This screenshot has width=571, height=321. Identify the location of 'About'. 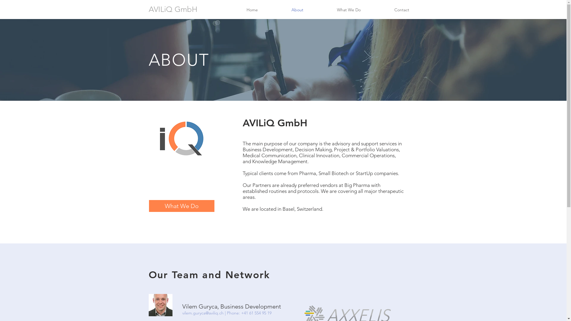
(274, 10).